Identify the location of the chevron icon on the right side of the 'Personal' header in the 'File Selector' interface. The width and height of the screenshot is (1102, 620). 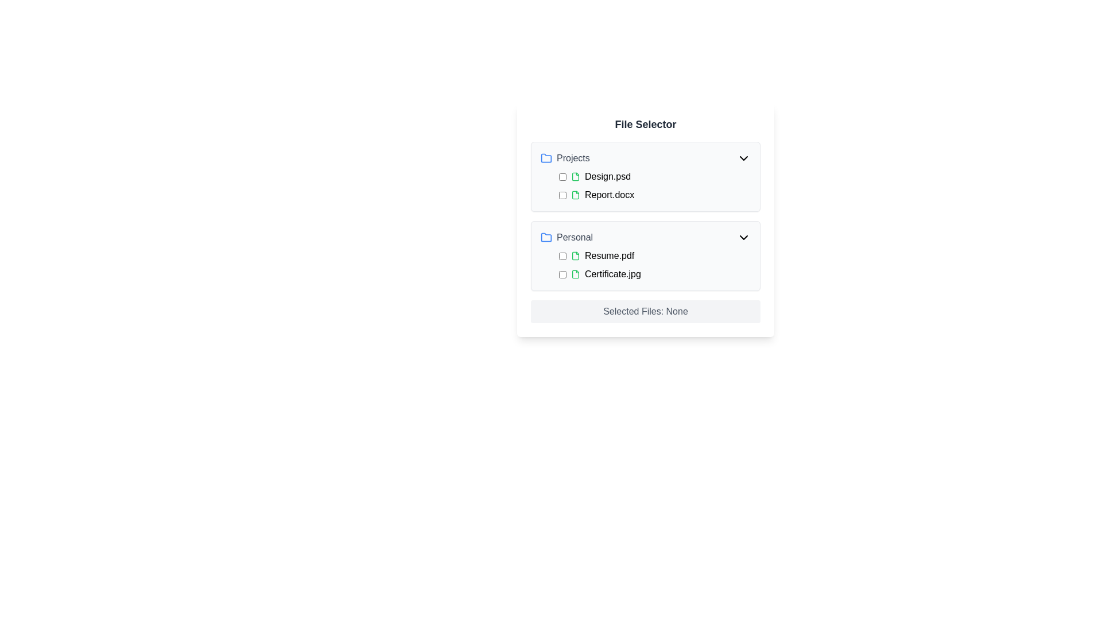
(744, 237).